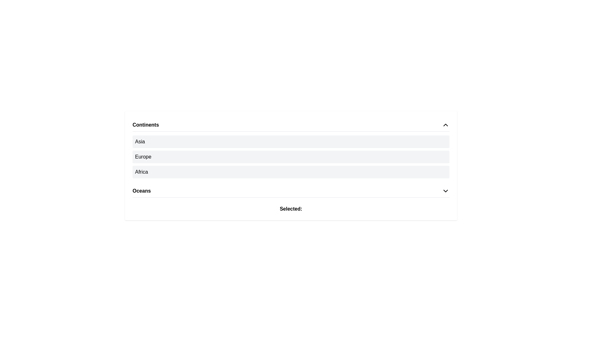  What do you see at coordinates (445, 191) in the screenshot?
I see `the downward-pointing chevron icon located at the far right of the 'Oceans' text` at bounding box center [445, 191].